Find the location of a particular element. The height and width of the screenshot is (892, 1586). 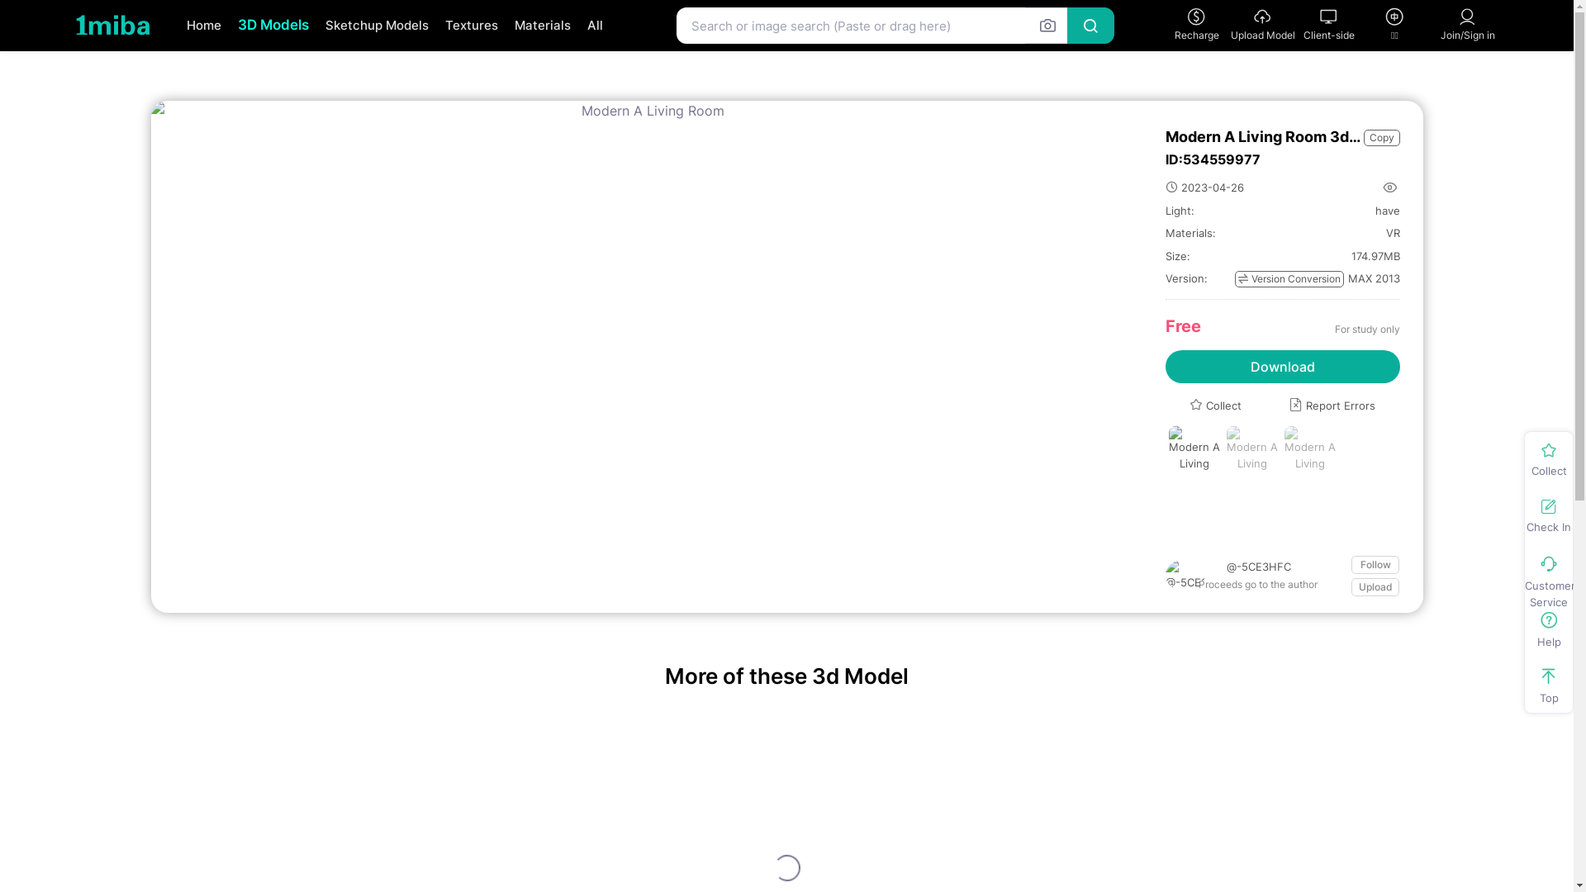

'All' is located at coordinates (594, 26).